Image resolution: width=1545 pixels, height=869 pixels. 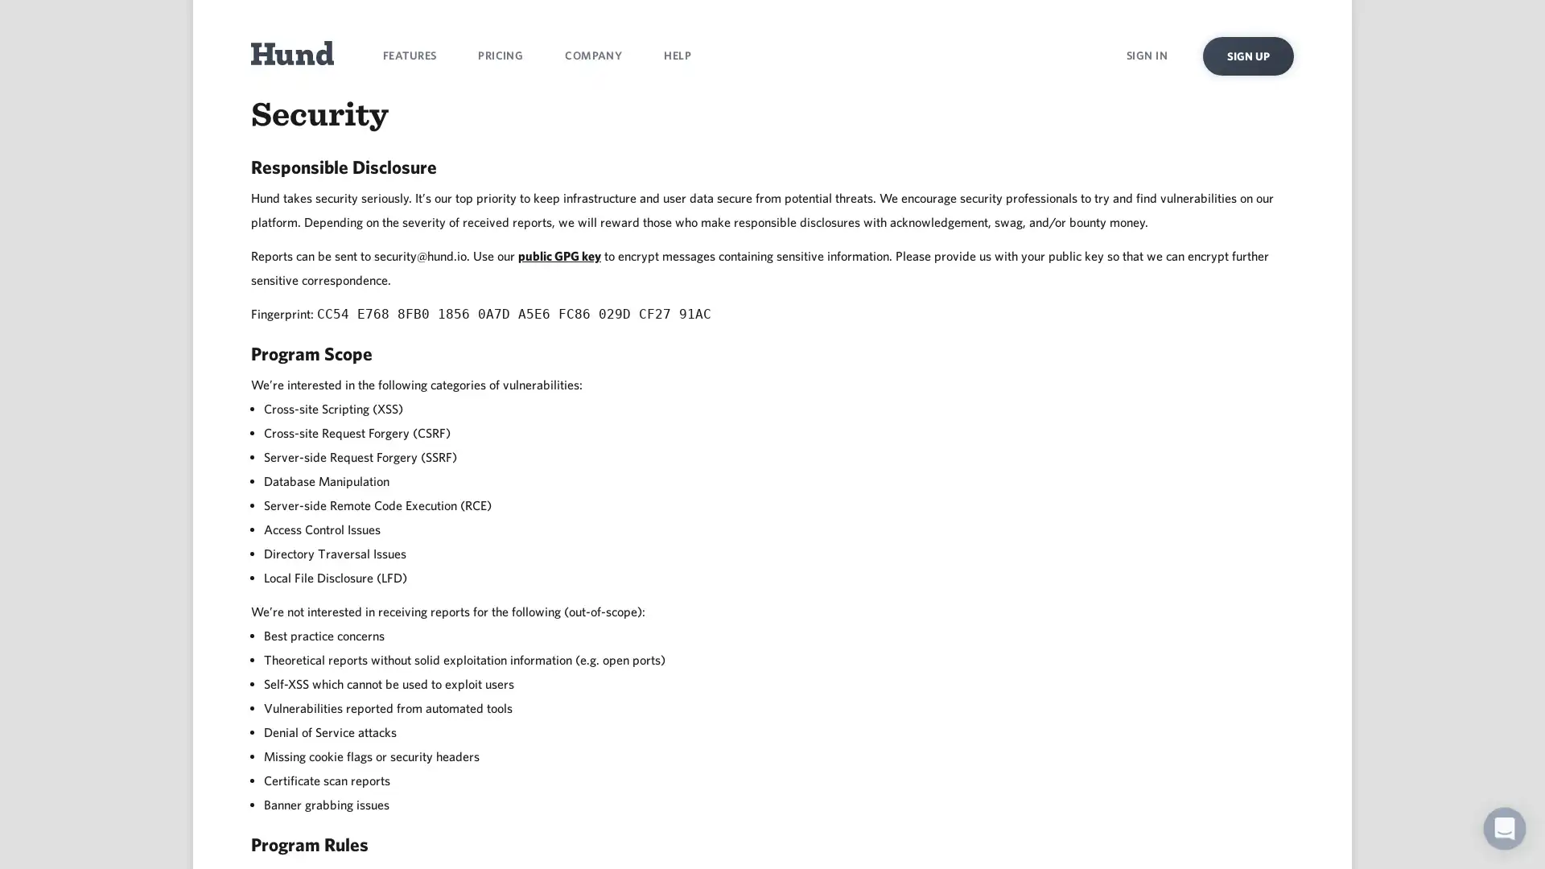 What do you see at coordinates (1504, 828) in the screenshot?
I see `Open Intercom Messenger` at bounding box center [1504, 828].